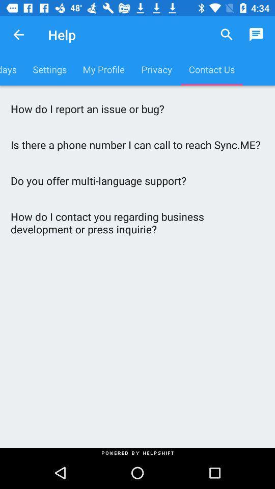 The width and height of the screenshot is (275, 489). What do you see at coordinates (137, 144) in the screenshot?
I see `is there a item` at bounding box center [137, 144].